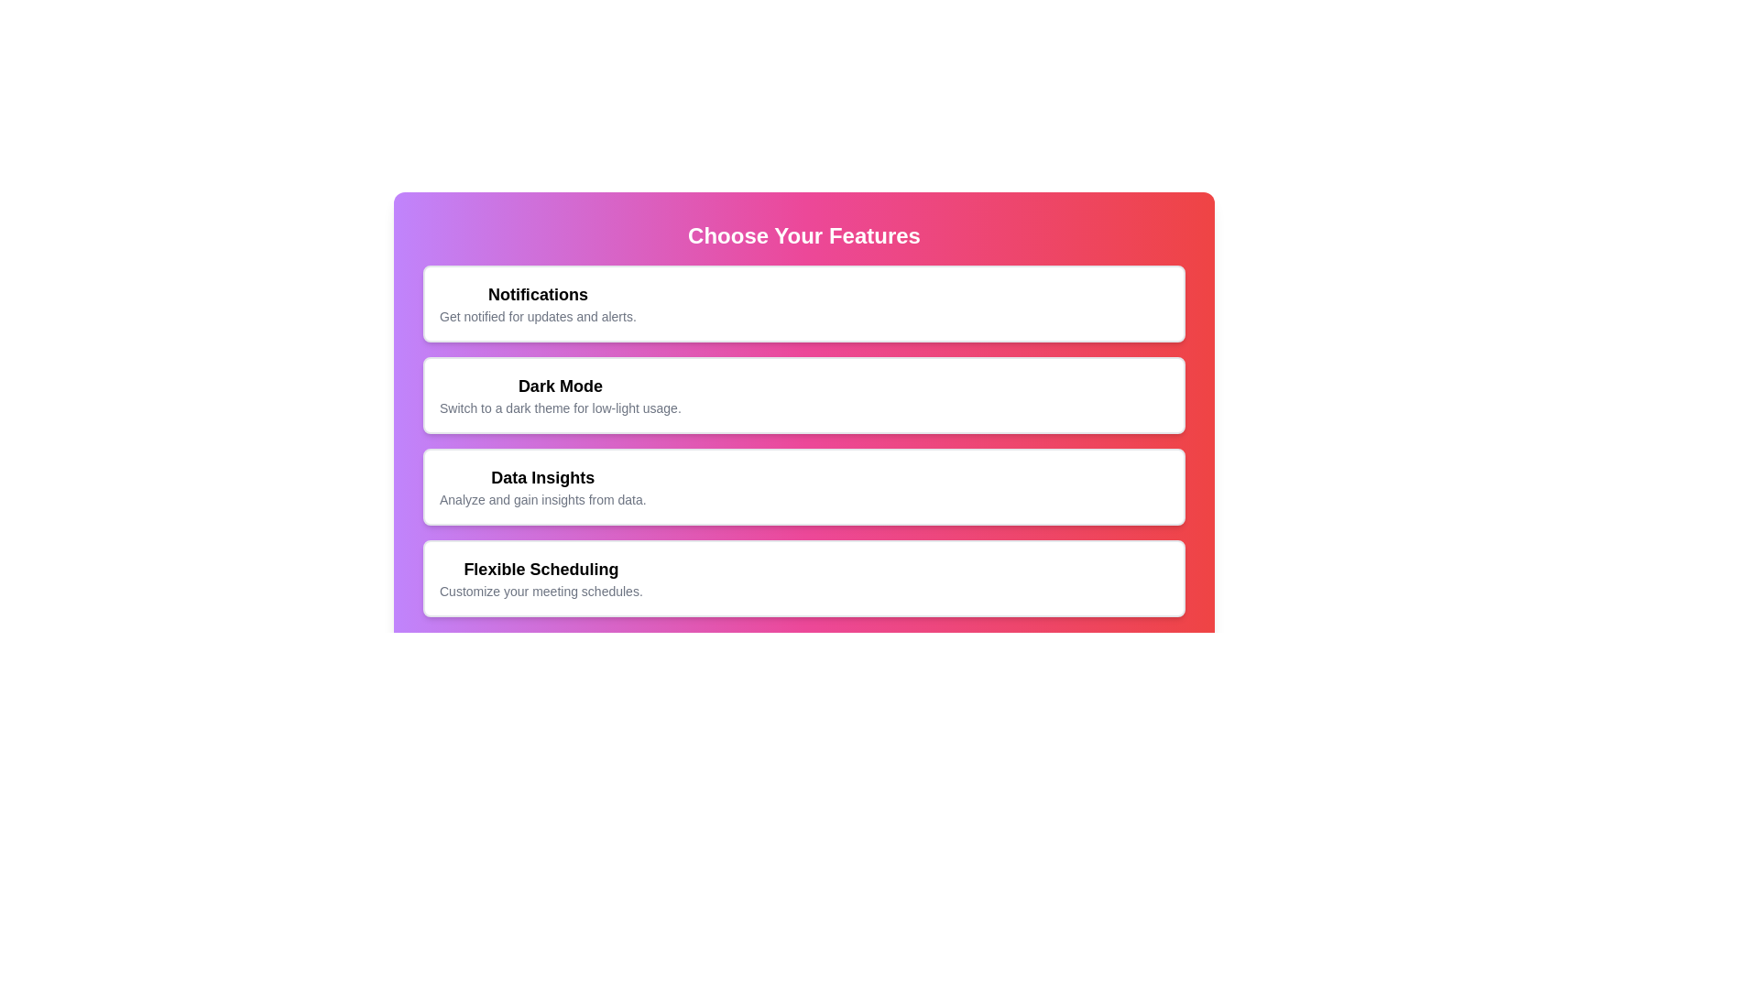 This screenshot has width=1759, height=989. Describe the element at coordinates (540, 591) in the screenshot. I see `the static text element that provides additional information about the 'Flexible Scheduling' feature, located directly beneath the heading within the card layout` at that location.